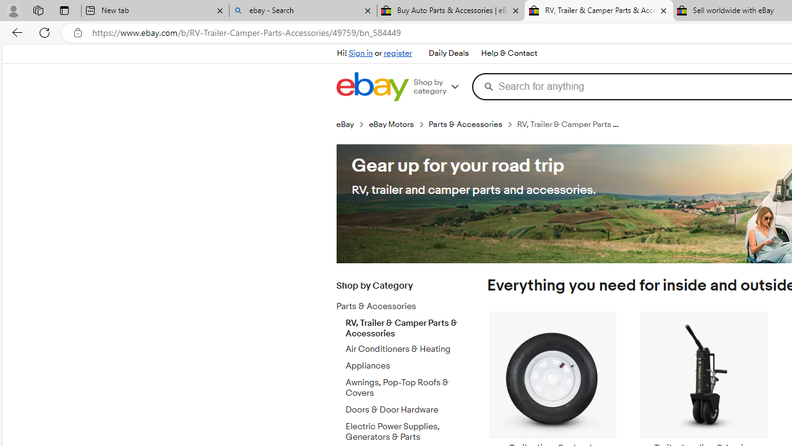  What do you see at coordinates (154, 11) in the screenshot?
I see `'New tab'` at bounding box center [154, 11].